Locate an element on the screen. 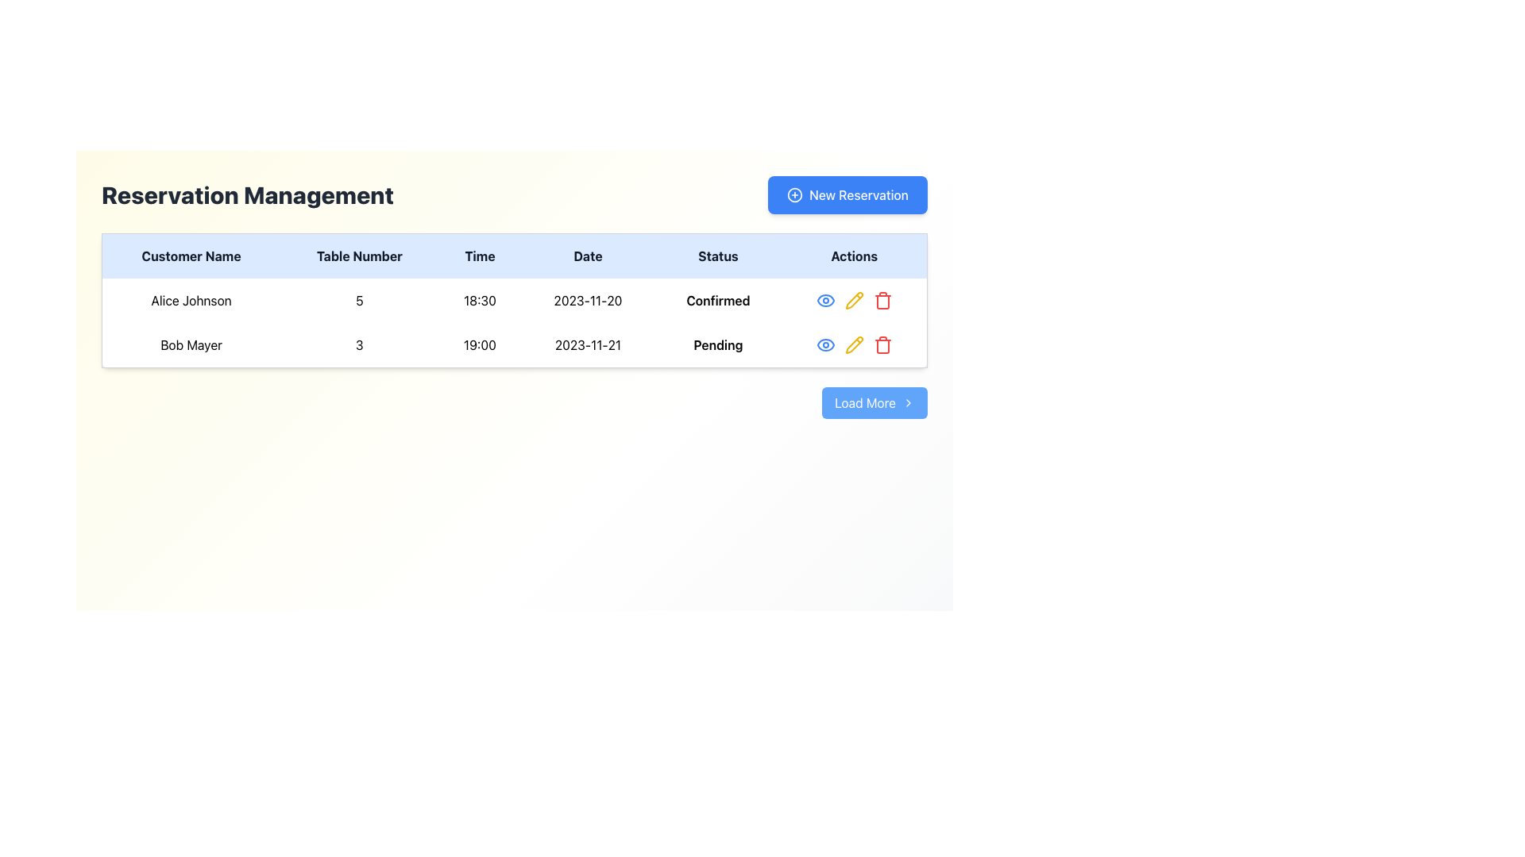 The image size is (1525, 857). the delete IconButton in the second row of the reservation table for the reservation by Bob Mayer is located at coordinates (882, 345).